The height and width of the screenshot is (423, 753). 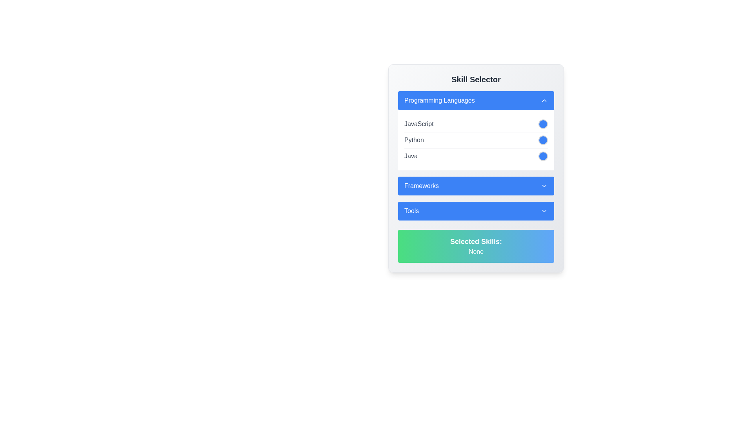 What do you see at coordinates (476, 246) in the screenshot?
I see `the Informational display box that shows selected skills, currently indicating no skills are selected, located below the 'Tools' section` at bounding box center [476, 246].